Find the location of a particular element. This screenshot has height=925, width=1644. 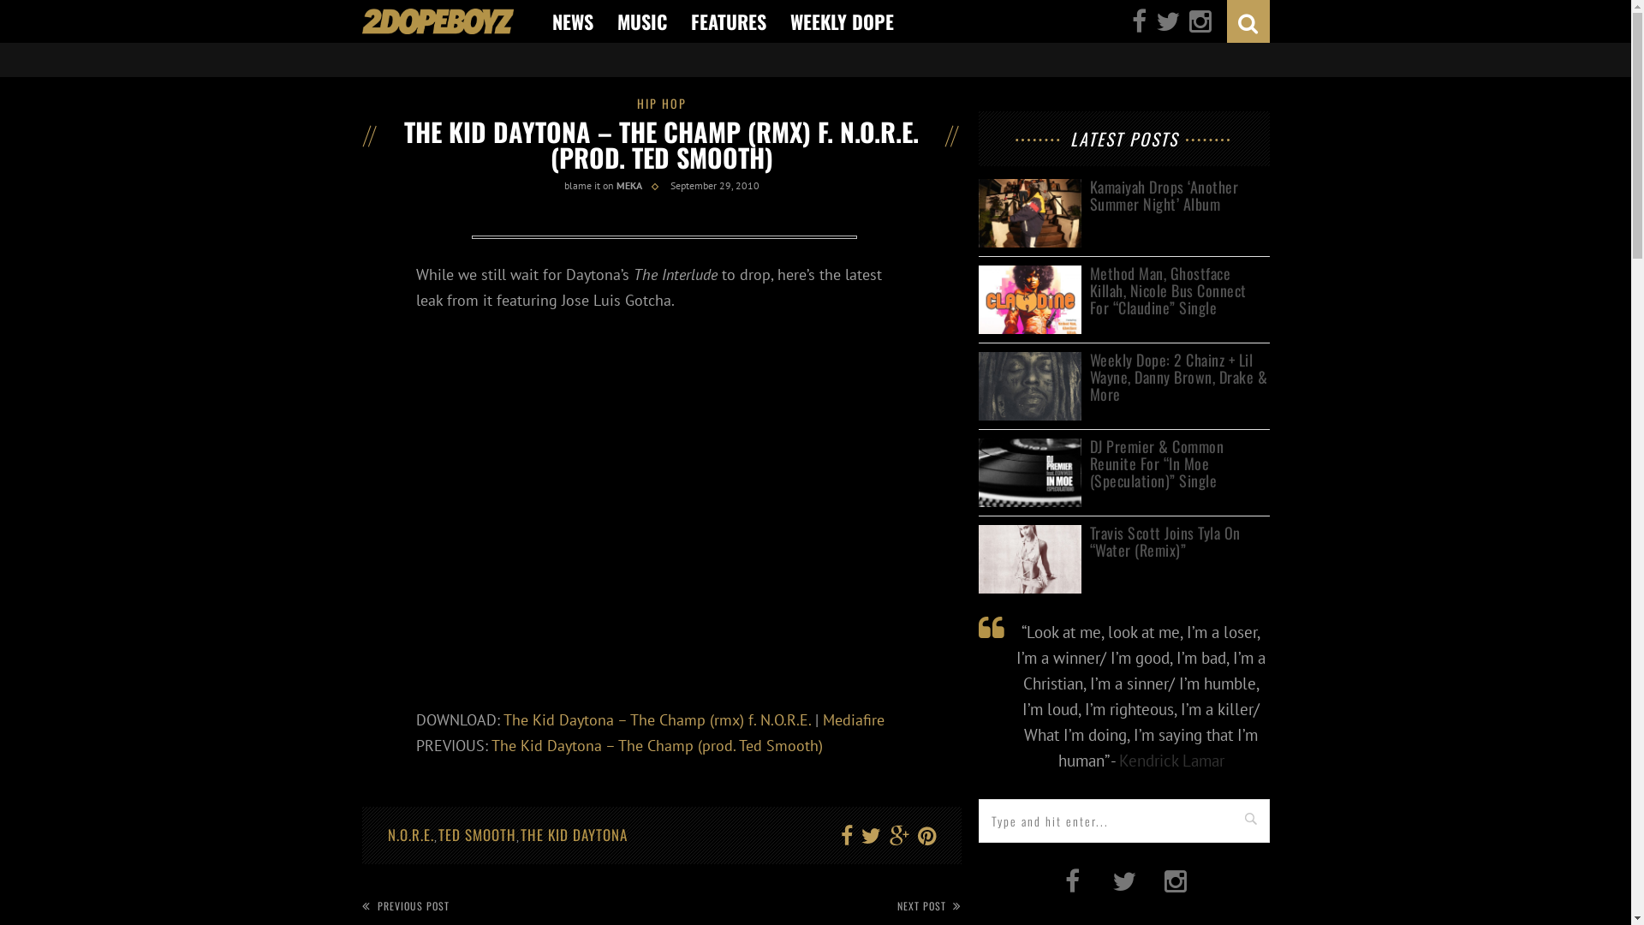

'Mediafire' is located at coordinates (853, 719).